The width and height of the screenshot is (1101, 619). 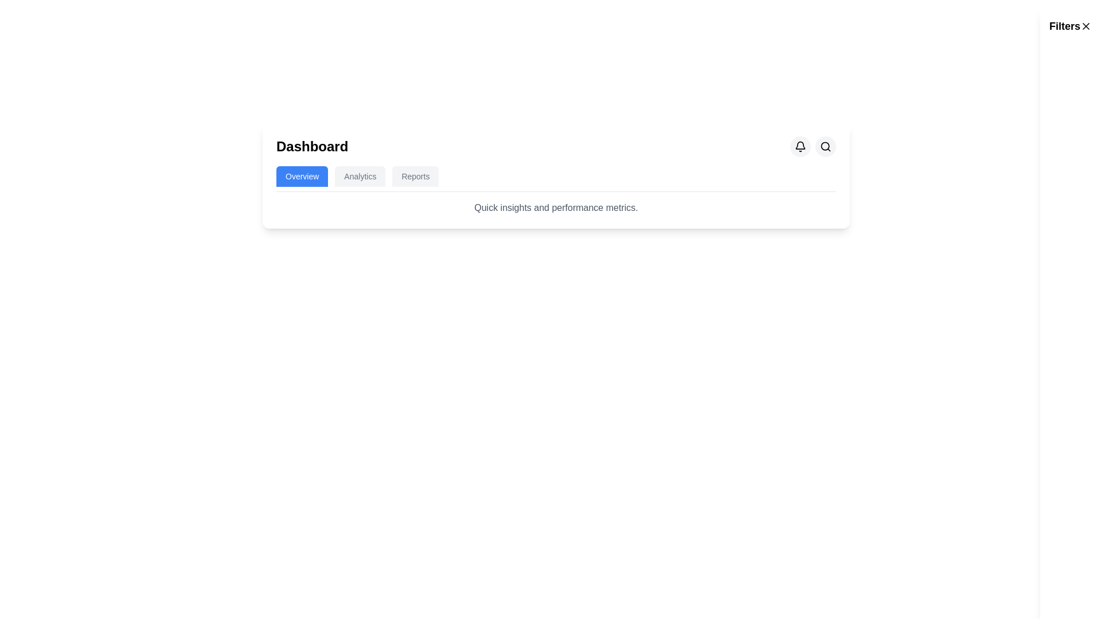 What do you see at coordinates (800, 146) in the screenshot?
I see `the first button in the group located at the top-right corner of the main content area` at bounding box center [800, 146].